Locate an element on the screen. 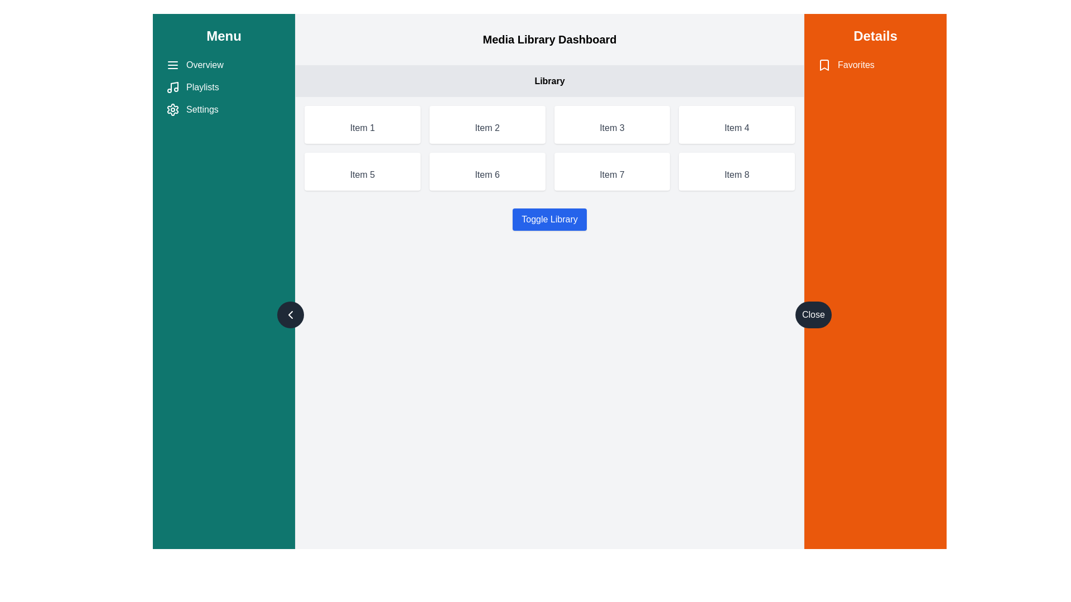  the fifth card in the grid layout that displays details about 'Item 5' is located at coordinates (362, 172).